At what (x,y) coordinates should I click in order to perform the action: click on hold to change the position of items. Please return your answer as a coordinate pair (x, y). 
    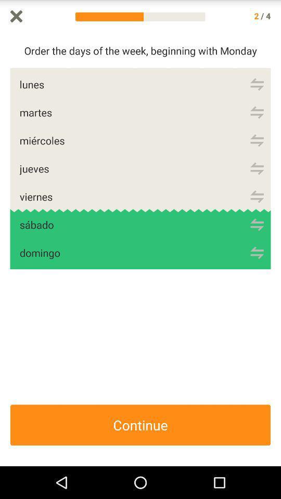
    Looking at the image, I should click on (257, 140).